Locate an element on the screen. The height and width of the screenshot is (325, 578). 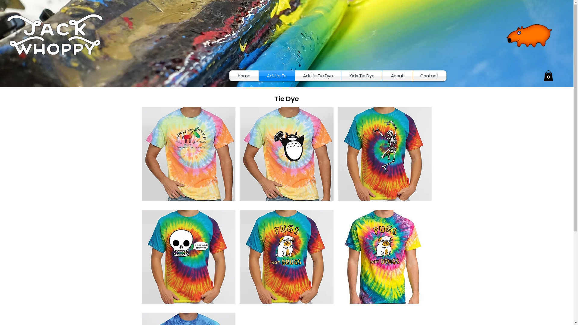
'Contact' is located at coordinates (412, 75).